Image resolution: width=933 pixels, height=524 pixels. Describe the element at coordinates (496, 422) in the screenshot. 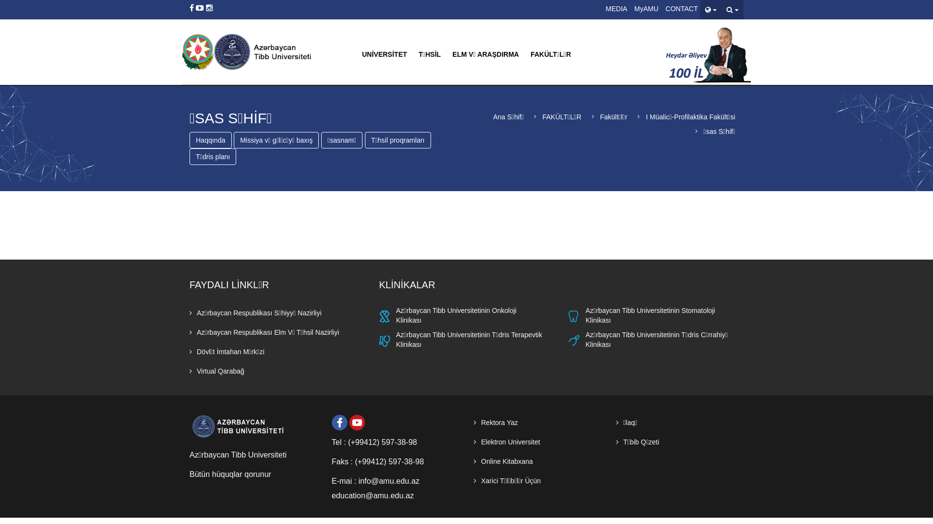

I see `'Rektora Yaz'` at that location.